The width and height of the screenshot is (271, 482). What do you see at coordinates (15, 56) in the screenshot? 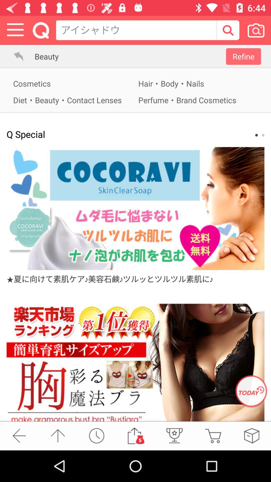
I see `go back` at bounding box center [15, 56].